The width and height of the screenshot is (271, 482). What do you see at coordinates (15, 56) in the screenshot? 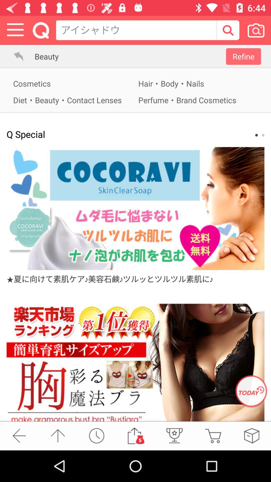
I see `go back` at bounding box center [15, 56].